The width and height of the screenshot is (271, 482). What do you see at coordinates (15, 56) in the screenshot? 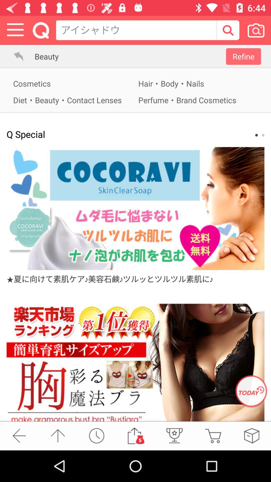
I see `go back` at bounding box center [15, 56].